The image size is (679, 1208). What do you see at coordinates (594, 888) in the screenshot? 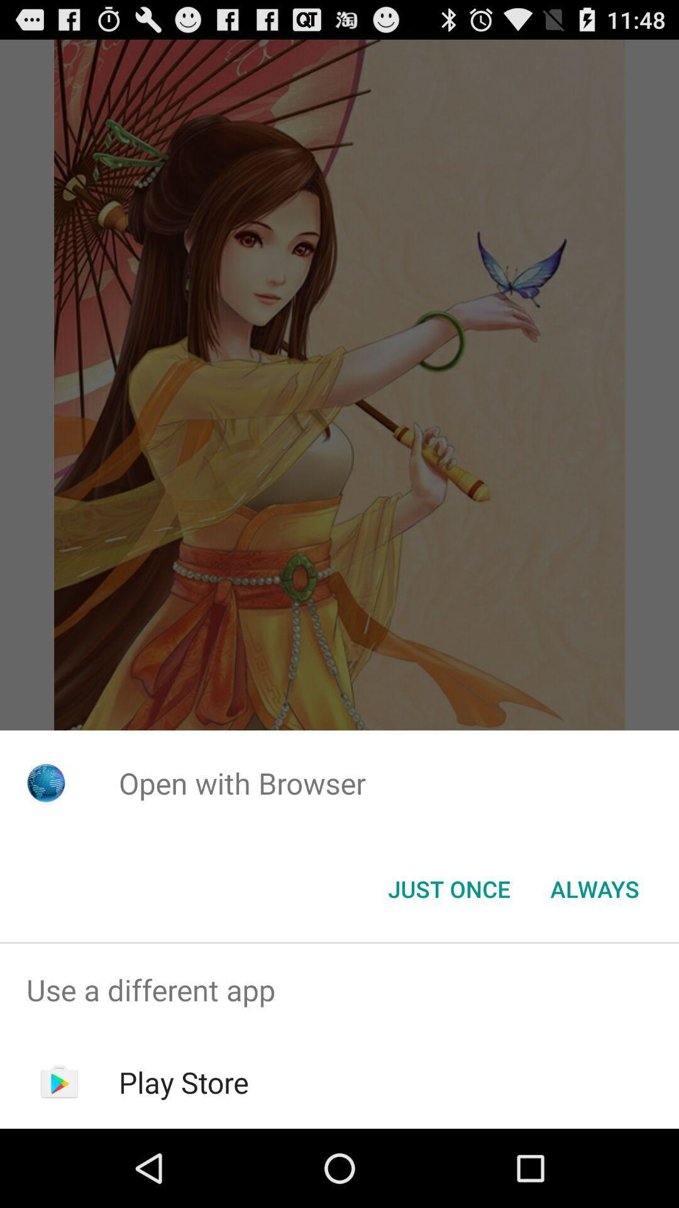
I see `app below open with browser app` at bounding box center [594, 888].